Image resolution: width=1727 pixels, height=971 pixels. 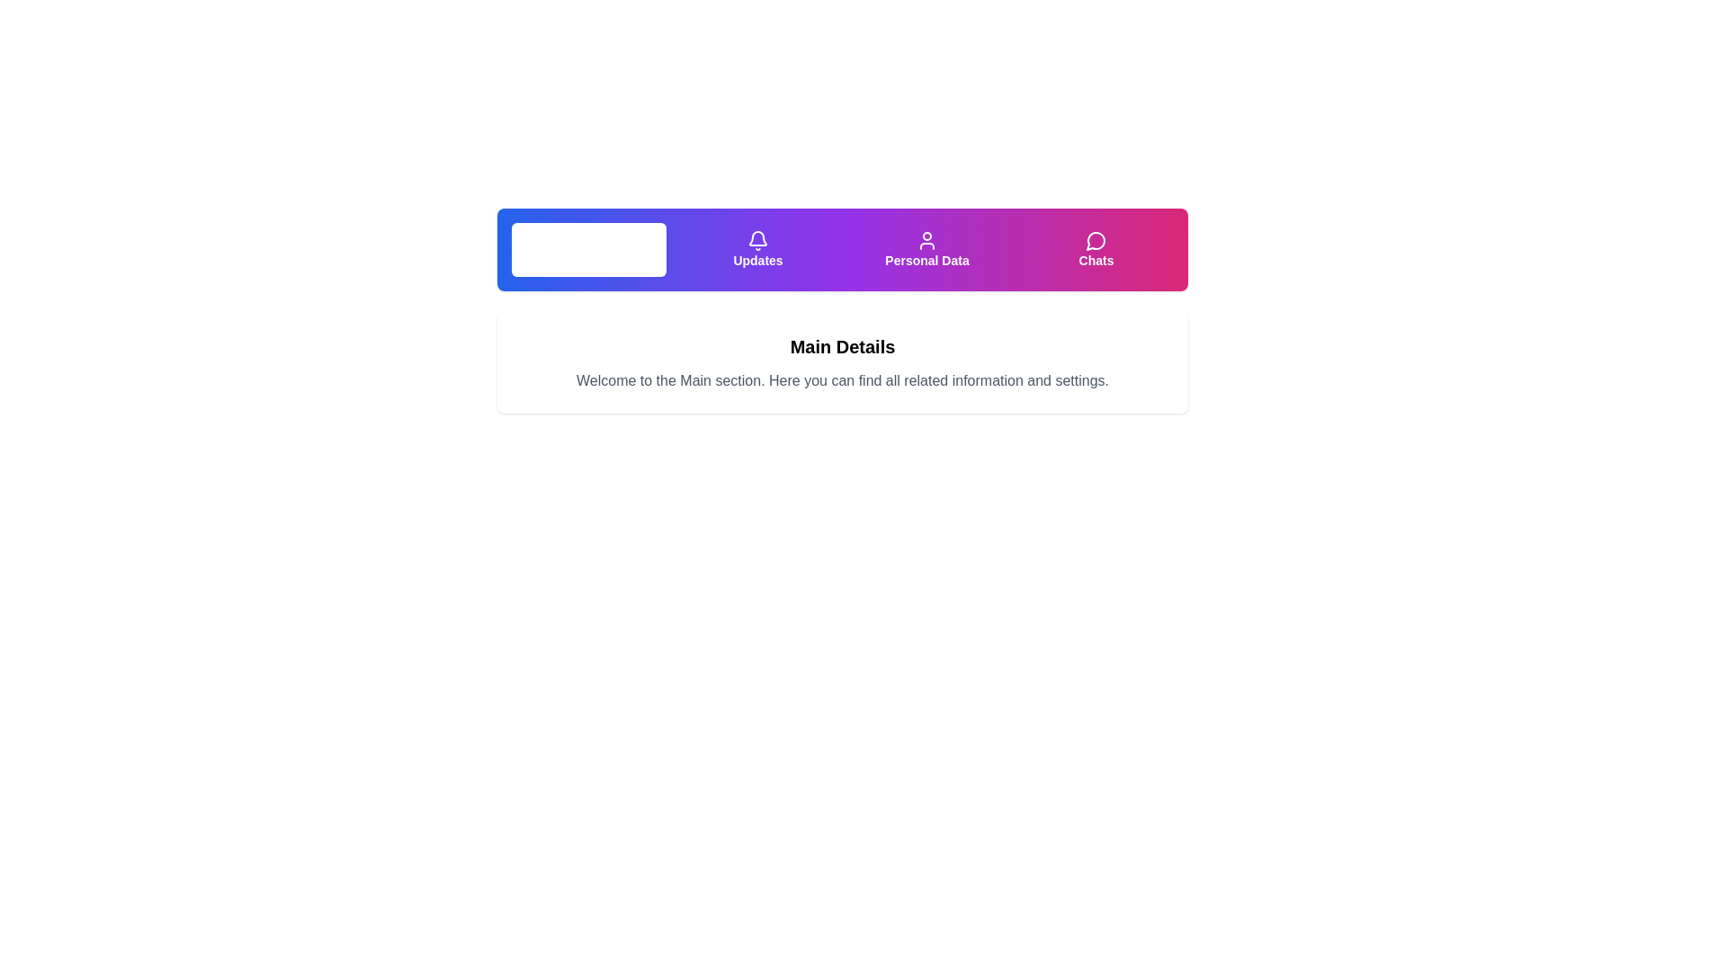 What do you see at coordinates (927, 239) in the screenshot?
I see `the 'Personal Data' icon located in the navigation bar, which is visually represented on a purple background and positioned above the text label 'Personal Data'` at bounding box center [927, 239].